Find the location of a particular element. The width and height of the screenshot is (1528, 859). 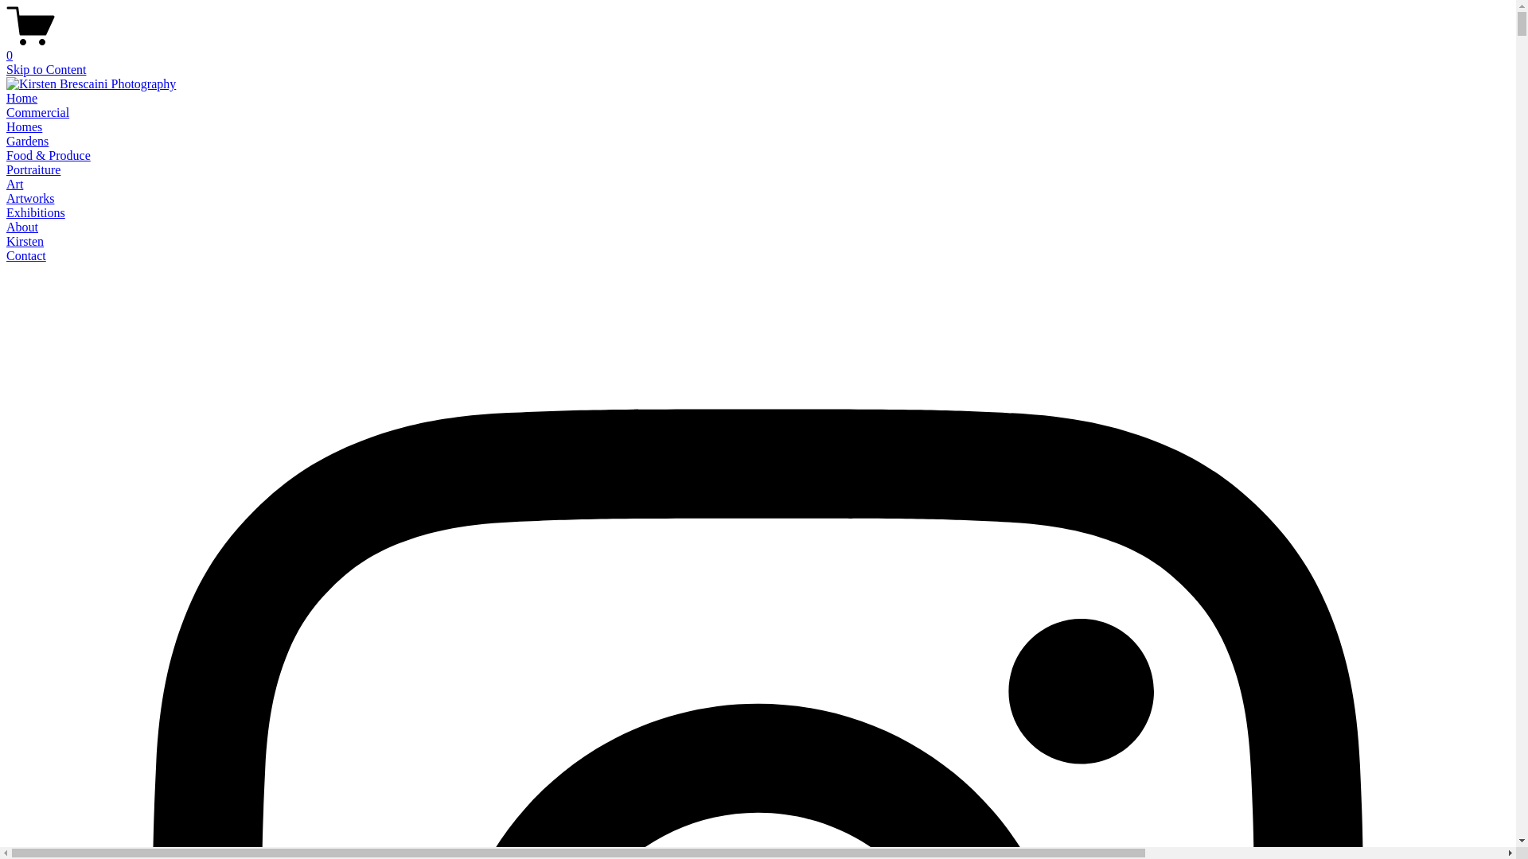

'Art' is located at coordinates (14, 183).